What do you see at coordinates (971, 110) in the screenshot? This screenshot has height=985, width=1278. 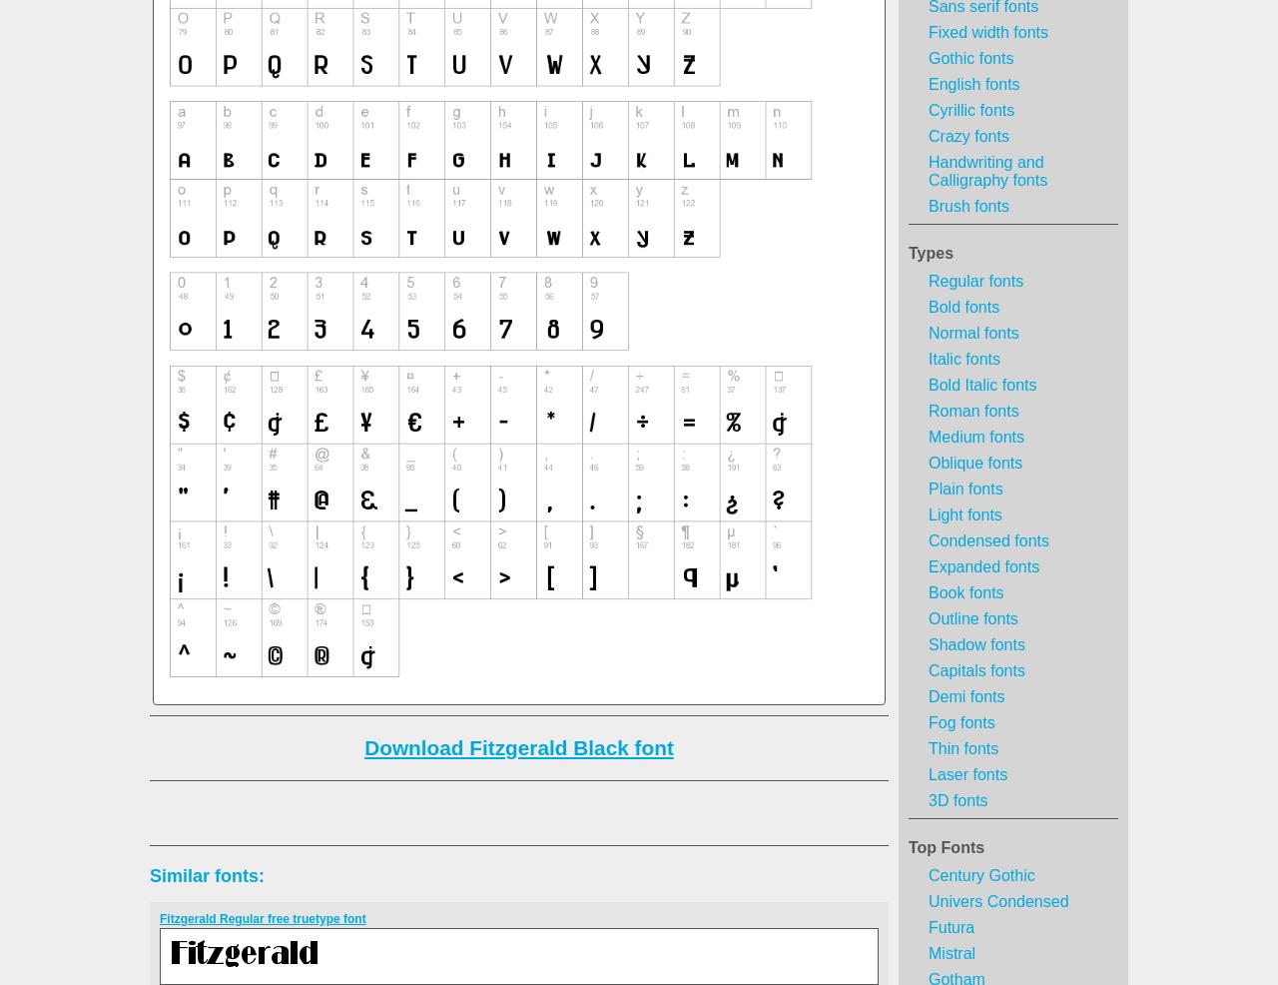 I see `'Cyrillic fonts'` at bounding box center [971, 110].